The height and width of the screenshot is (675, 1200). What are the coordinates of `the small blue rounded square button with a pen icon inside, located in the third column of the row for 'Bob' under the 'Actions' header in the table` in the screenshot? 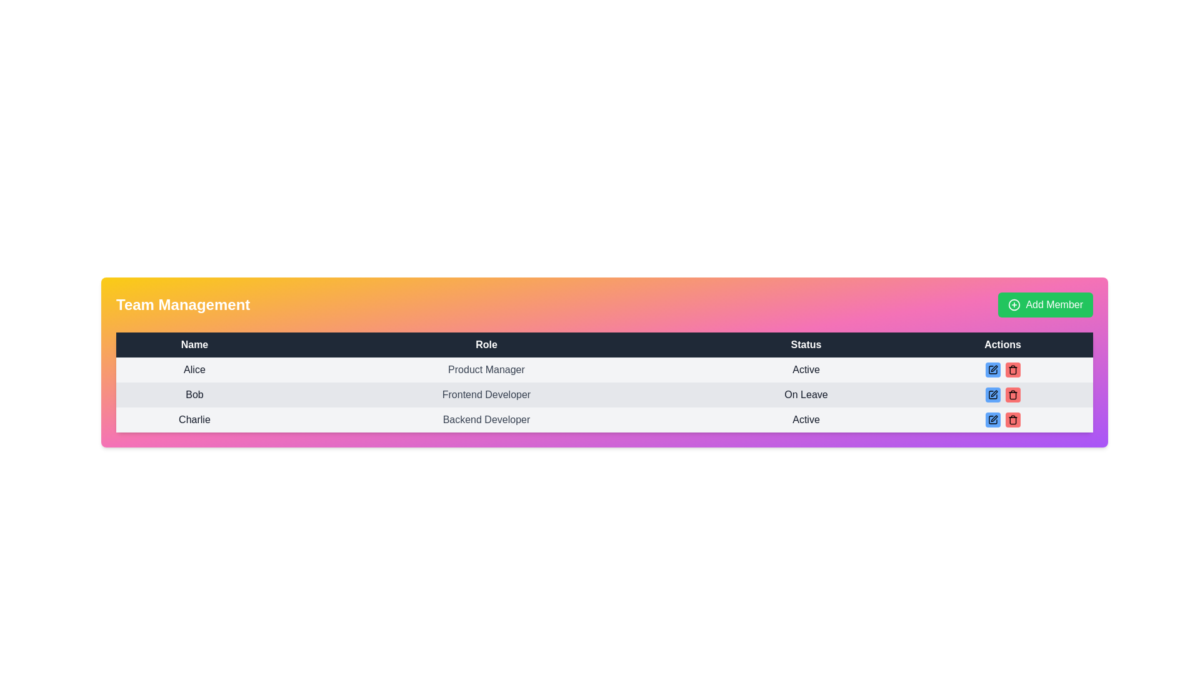 It's located at (992, 369).